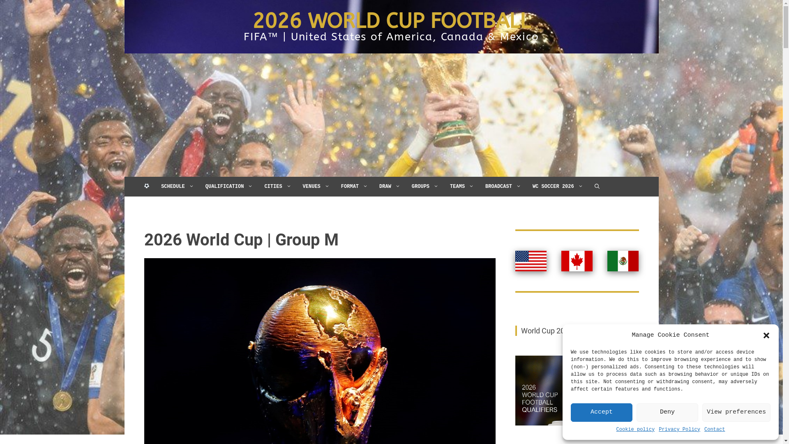 The image size is (789, 444). I want to click on 'VENUES', so click(316, 187).